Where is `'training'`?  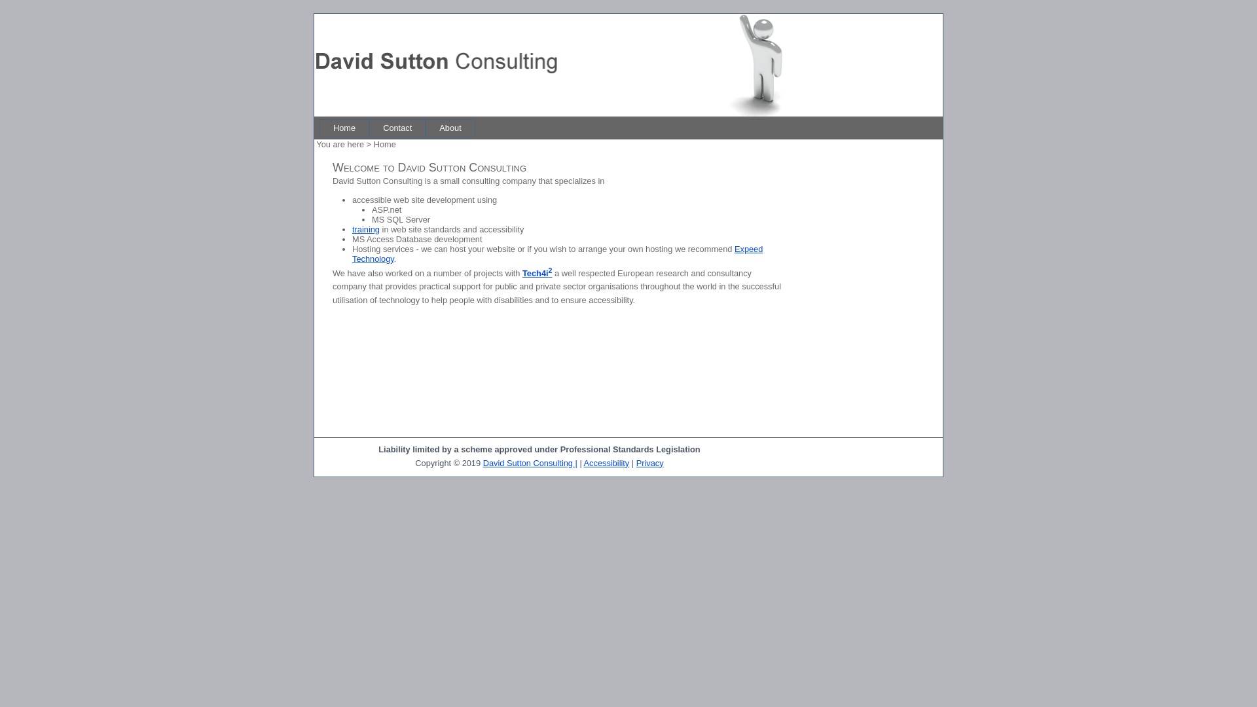 'training' is located at coordinates (365, 228).